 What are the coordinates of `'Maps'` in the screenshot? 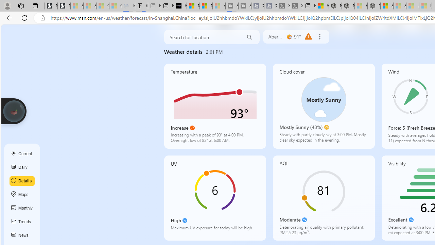 It's located at (22, 195).